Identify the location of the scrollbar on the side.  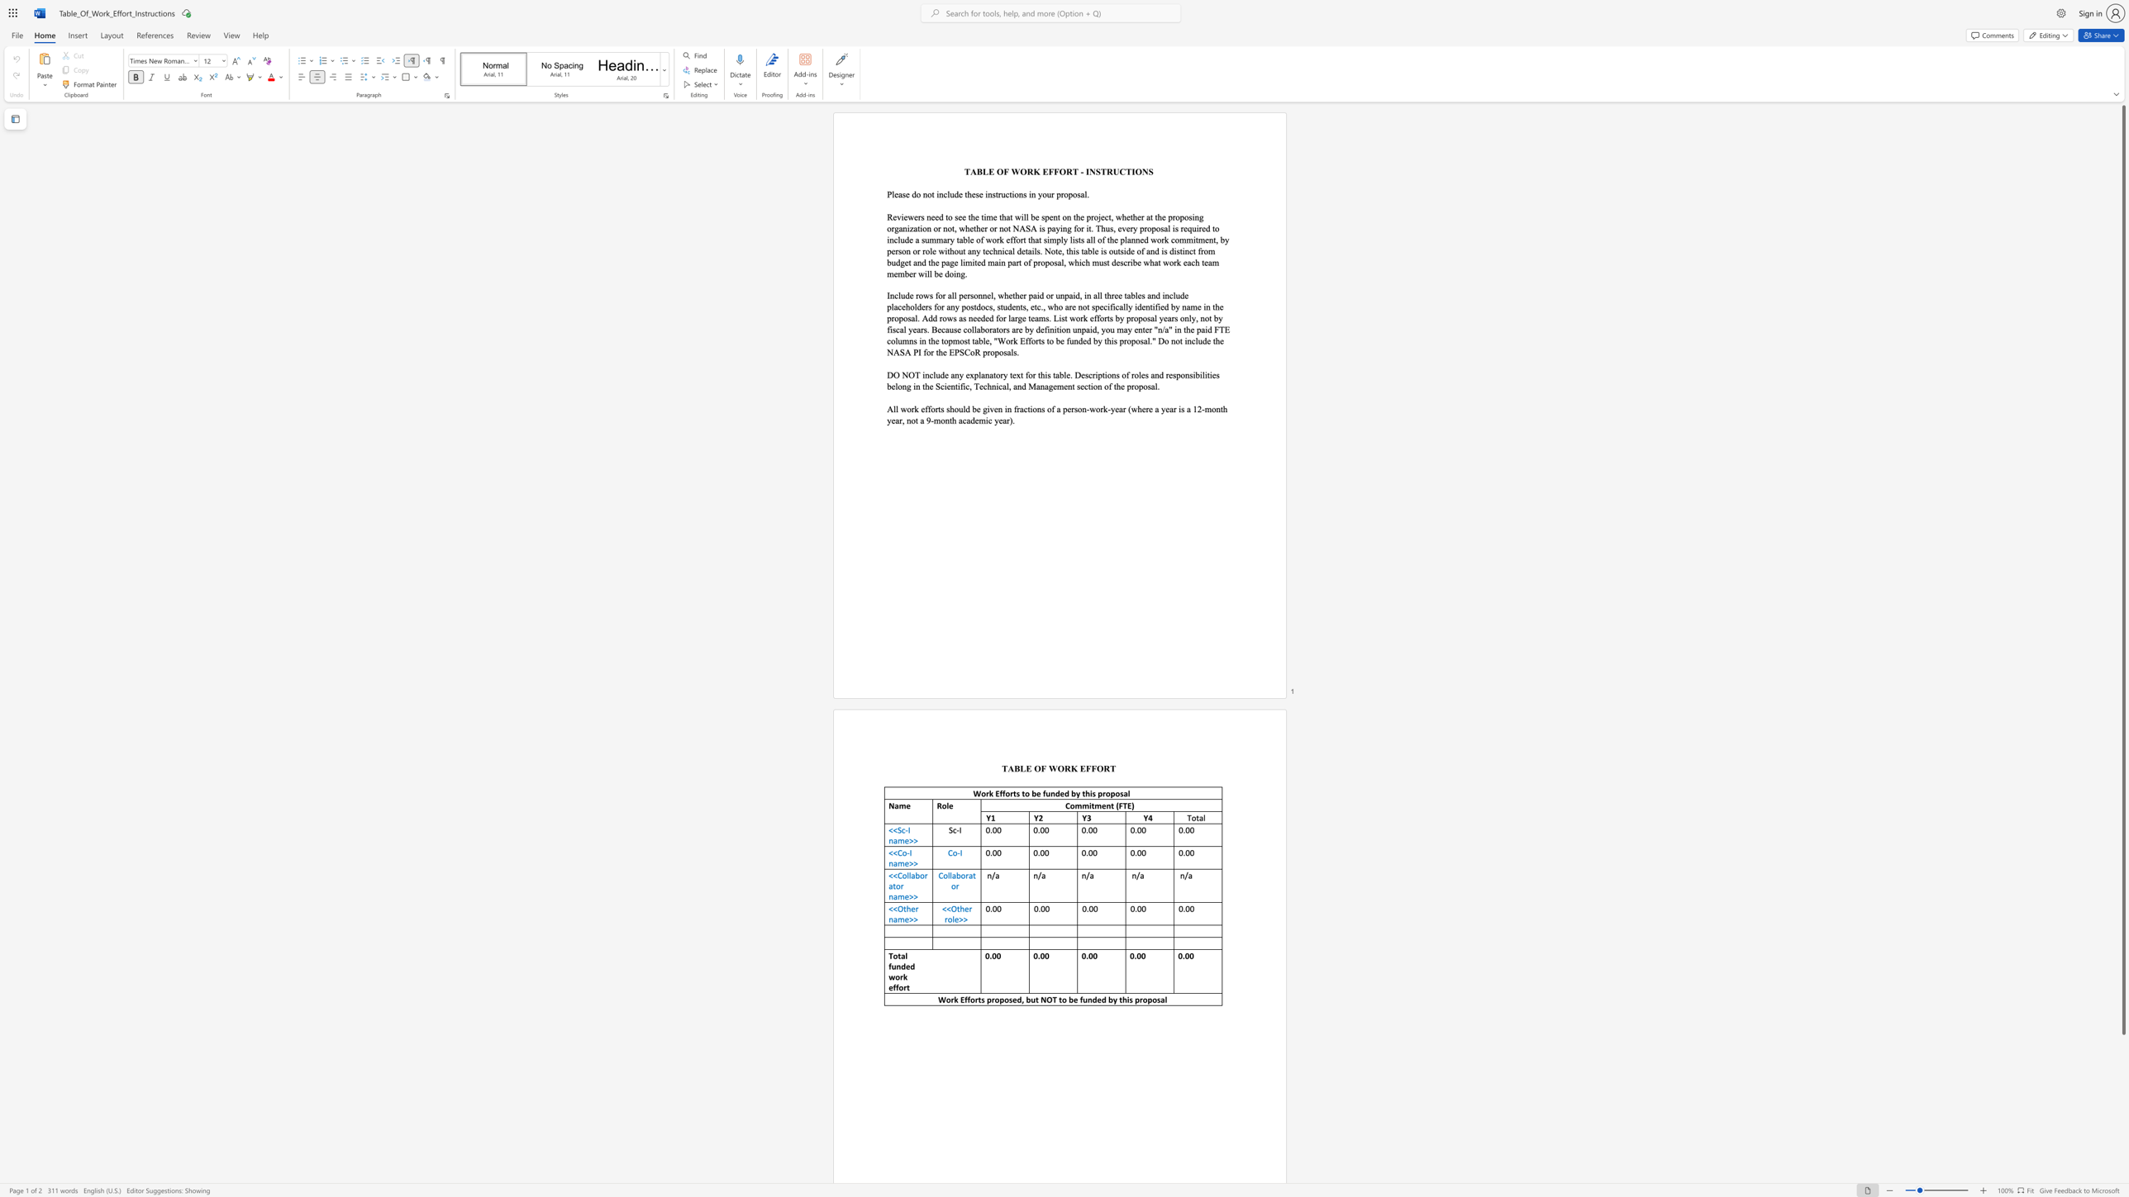
(2122, 1102).